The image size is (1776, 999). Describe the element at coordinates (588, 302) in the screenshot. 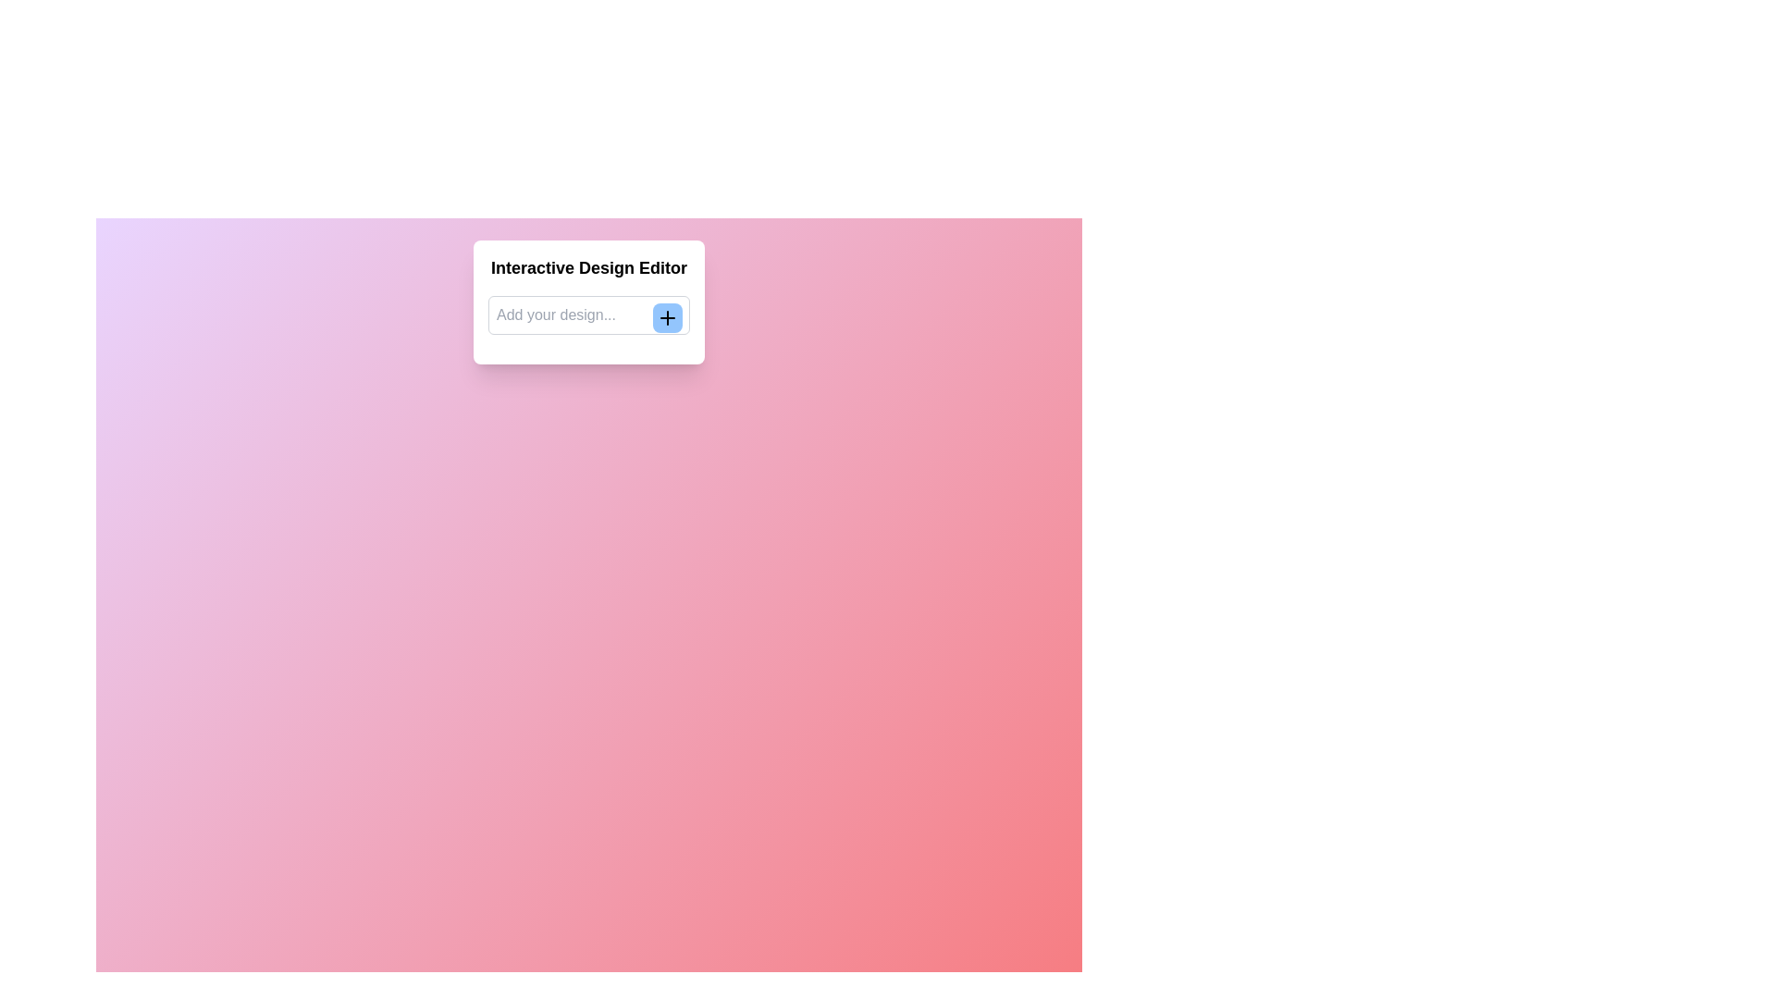

I see `the 'Add your design...' input box located within the header and input unit of the Interactive Design Editor interface` at that location.